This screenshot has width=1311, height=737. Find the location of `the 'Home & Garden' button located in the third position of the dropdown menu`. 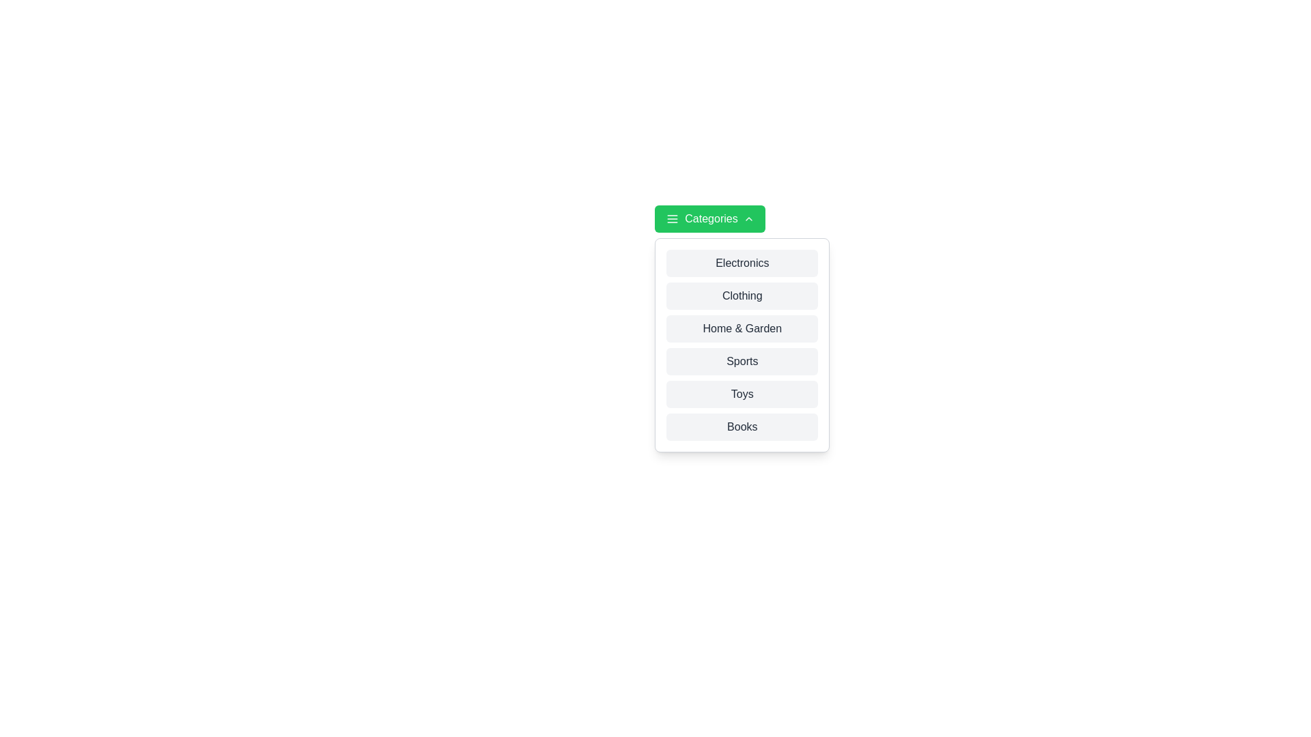

the 'Home & Garden' button located in the third position of the dropdown menu is located at coordinates (742, 329).